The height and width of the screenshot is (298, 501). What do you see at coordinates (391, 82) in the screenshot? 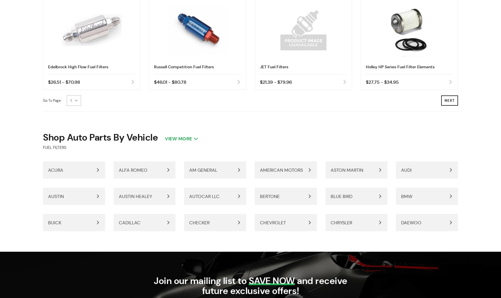
I see `'$34.95'` at bounding box center [391, 82].